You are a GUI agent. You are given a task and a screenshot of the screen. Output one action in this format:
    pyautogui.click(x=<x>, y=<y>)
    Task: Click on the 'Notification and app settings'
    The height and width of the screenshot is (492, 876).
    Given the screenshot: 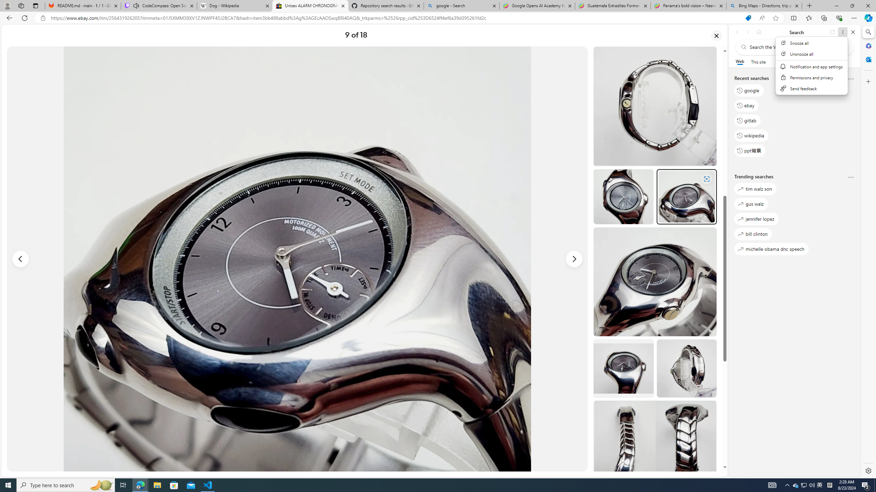 What is the action you would take?
    pyautogui.click(x=812, y=67)
    